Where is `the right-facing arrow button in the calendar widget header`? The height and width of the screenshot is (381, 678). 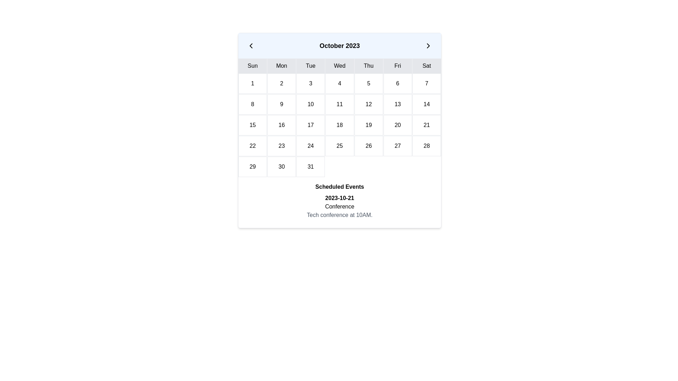 the right-facing arrow button in the calendar widget header is located at coordinates (428, 46).